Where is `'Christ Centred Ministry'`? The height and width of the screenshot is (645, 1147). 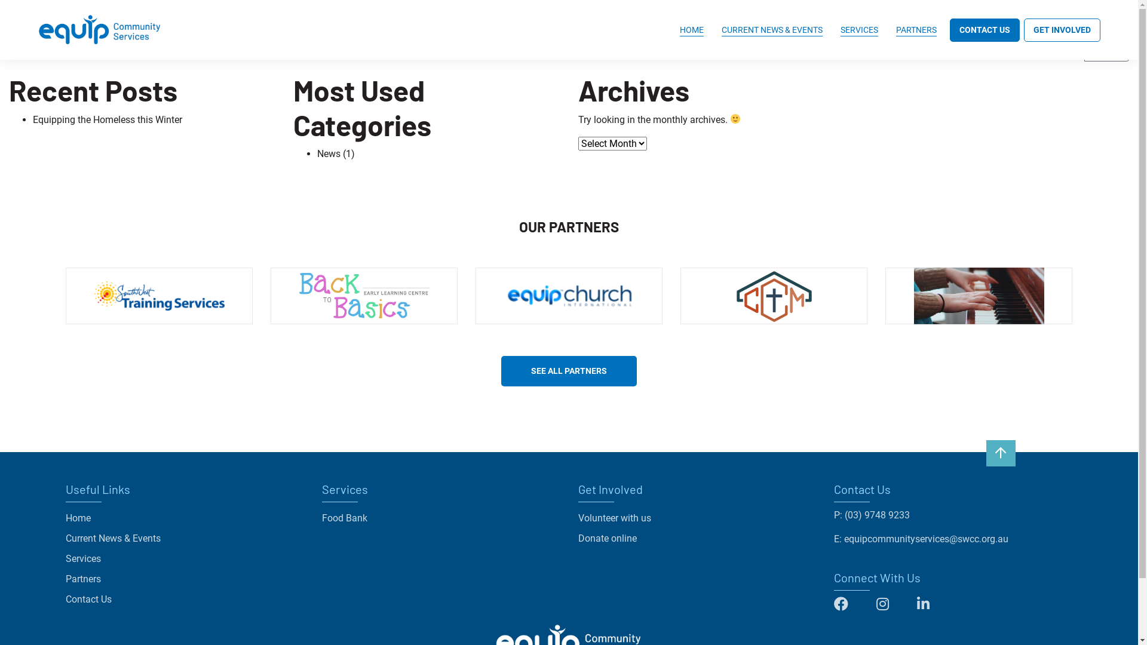
'Christ Centred Ministry' is located at coordinates (774, 297).